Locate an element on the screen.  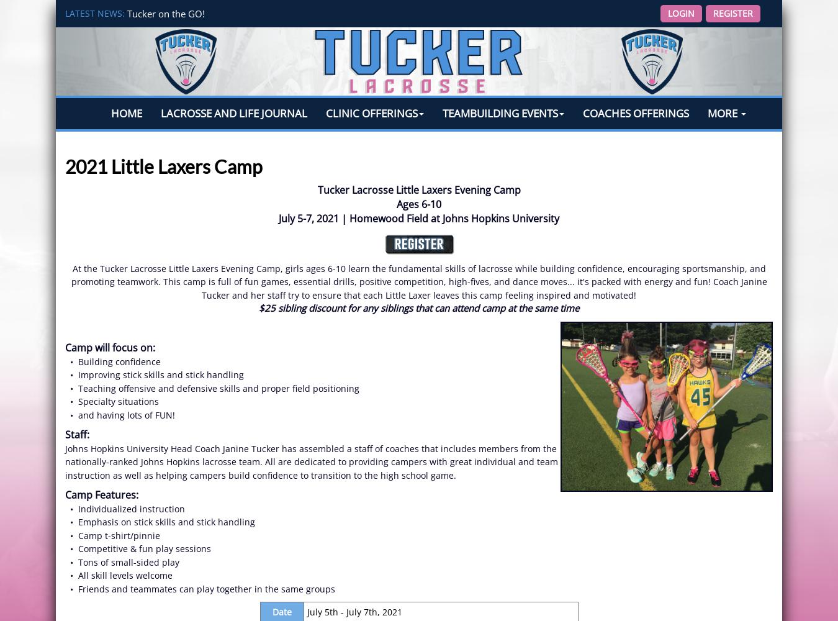
'•  Emphasis on stick skills and stick handling' is located at coordinates (159, 521).